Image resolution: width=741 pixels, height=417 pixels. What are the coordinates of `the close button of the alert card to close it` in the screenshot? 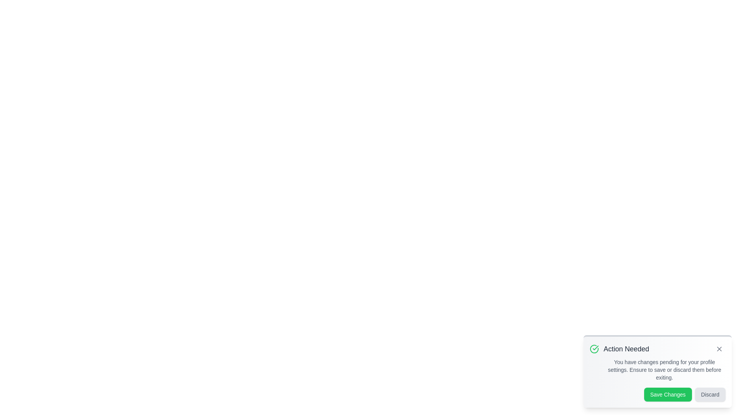 It's located at (719, 349).